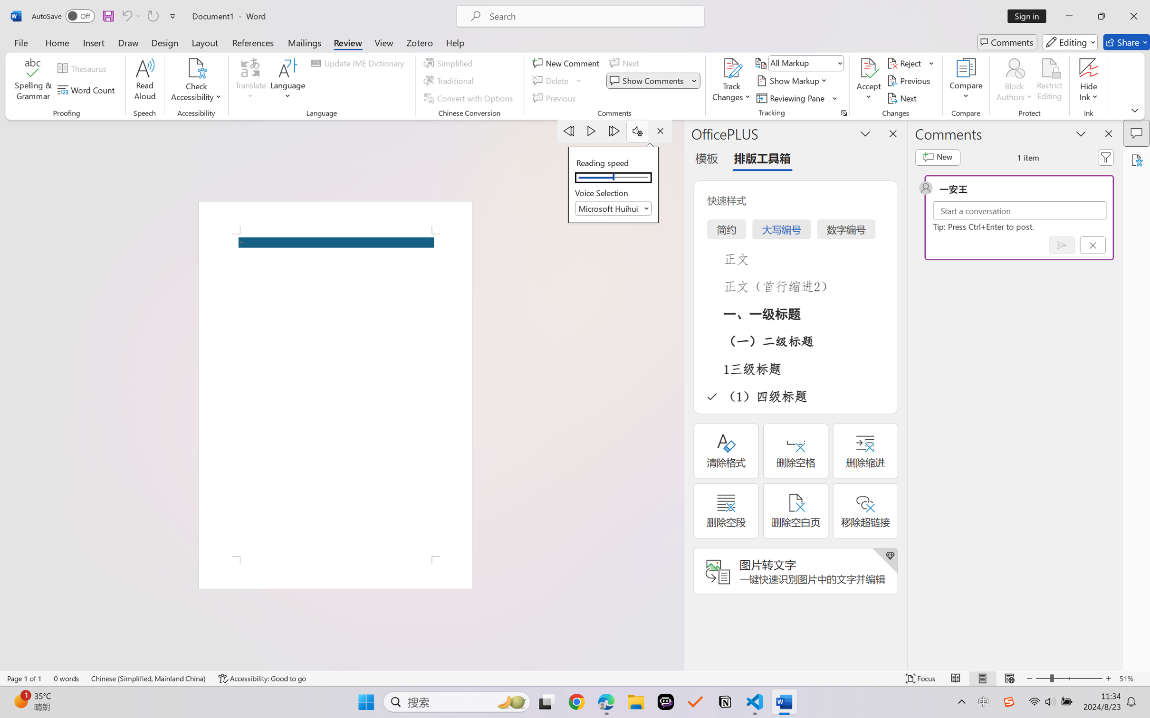  Describe the element at coordinates (149, 678) in the screenshot. I see `'Language Chinese (Simplified, Mainland China)'` at that location.